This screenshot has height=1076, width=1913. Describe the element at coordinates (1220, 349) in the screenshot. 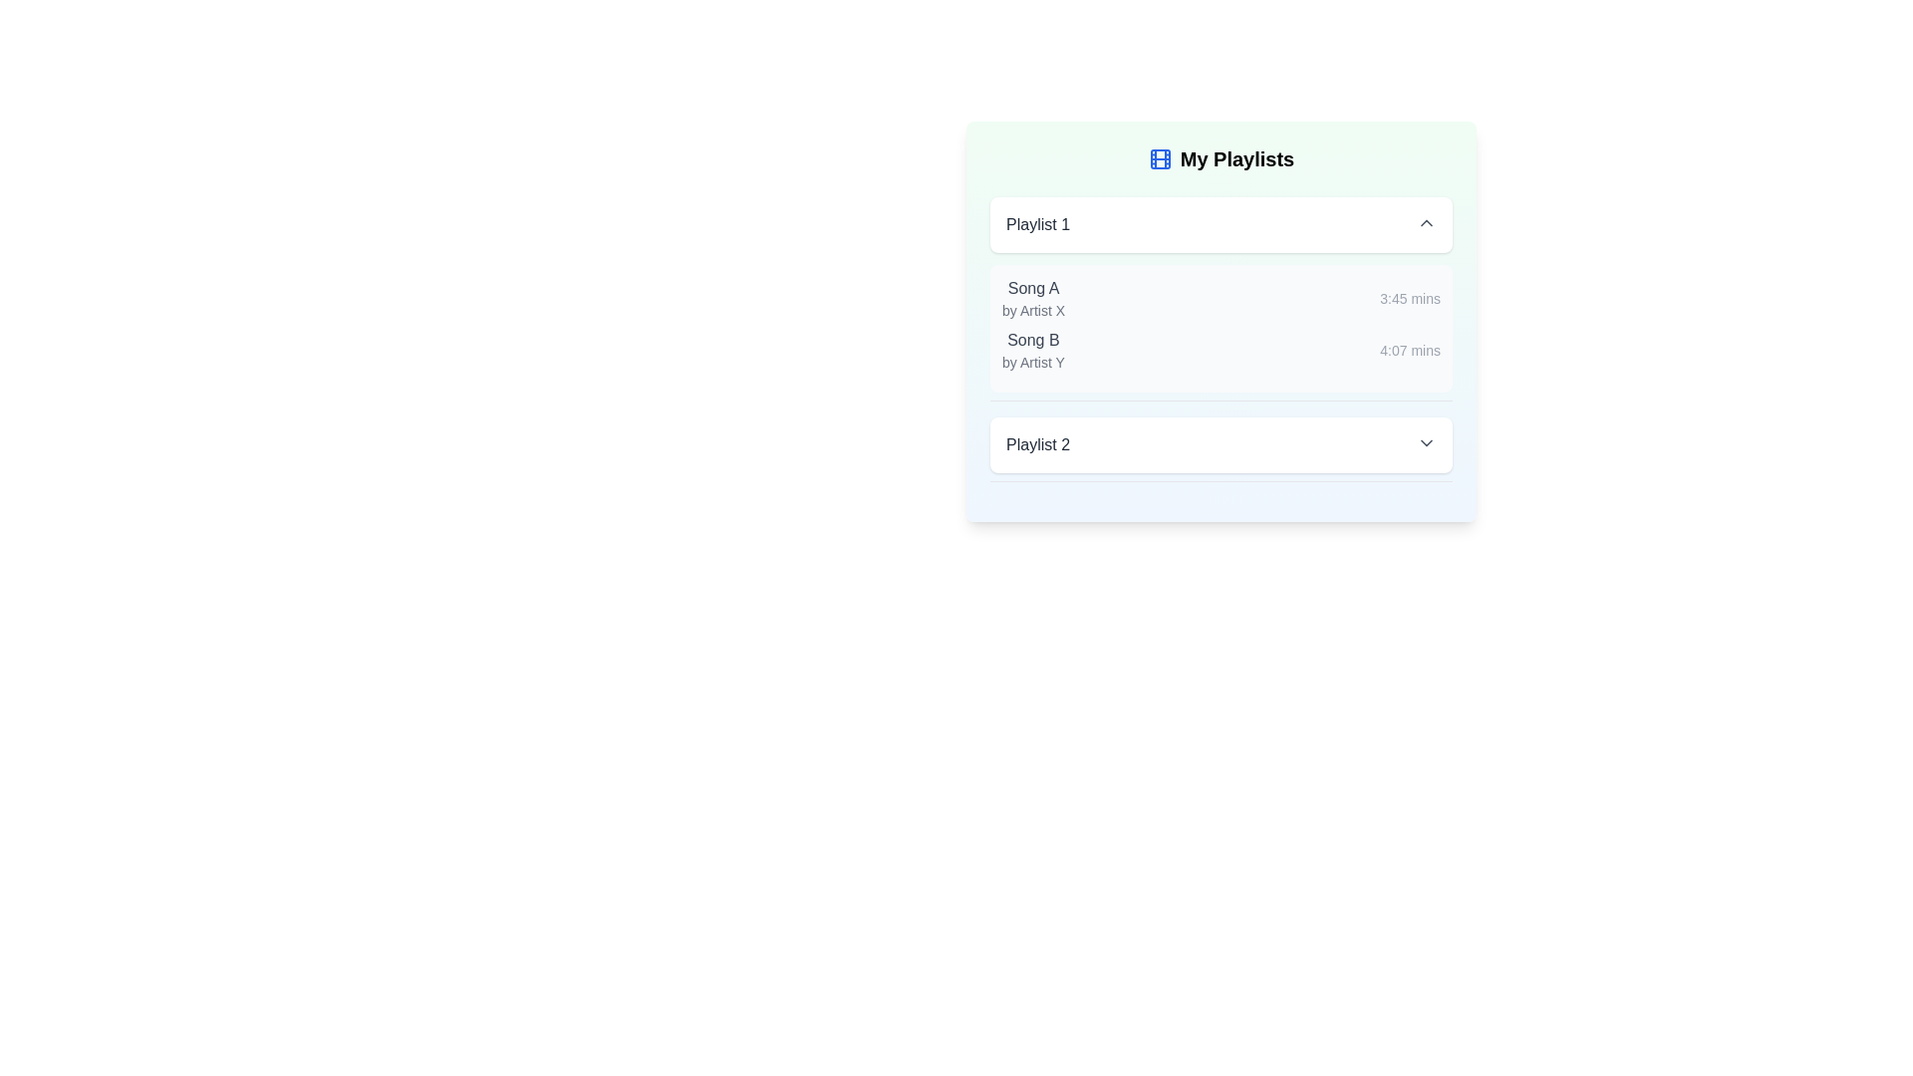

I see `the static content display that shows information about the second song entry in 'Playlist 1', which includes the title, artist, and duration` at that location.